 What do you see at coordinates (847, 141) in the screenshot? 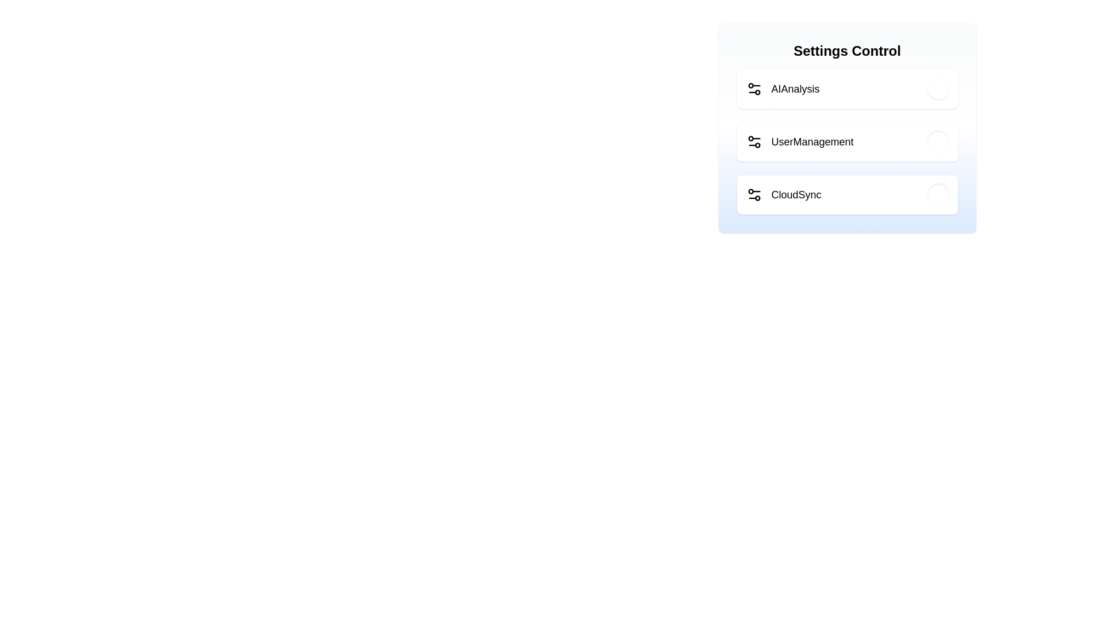
I see `the option item UserManagement to observe hover effects` at bounding box center [847, 141].